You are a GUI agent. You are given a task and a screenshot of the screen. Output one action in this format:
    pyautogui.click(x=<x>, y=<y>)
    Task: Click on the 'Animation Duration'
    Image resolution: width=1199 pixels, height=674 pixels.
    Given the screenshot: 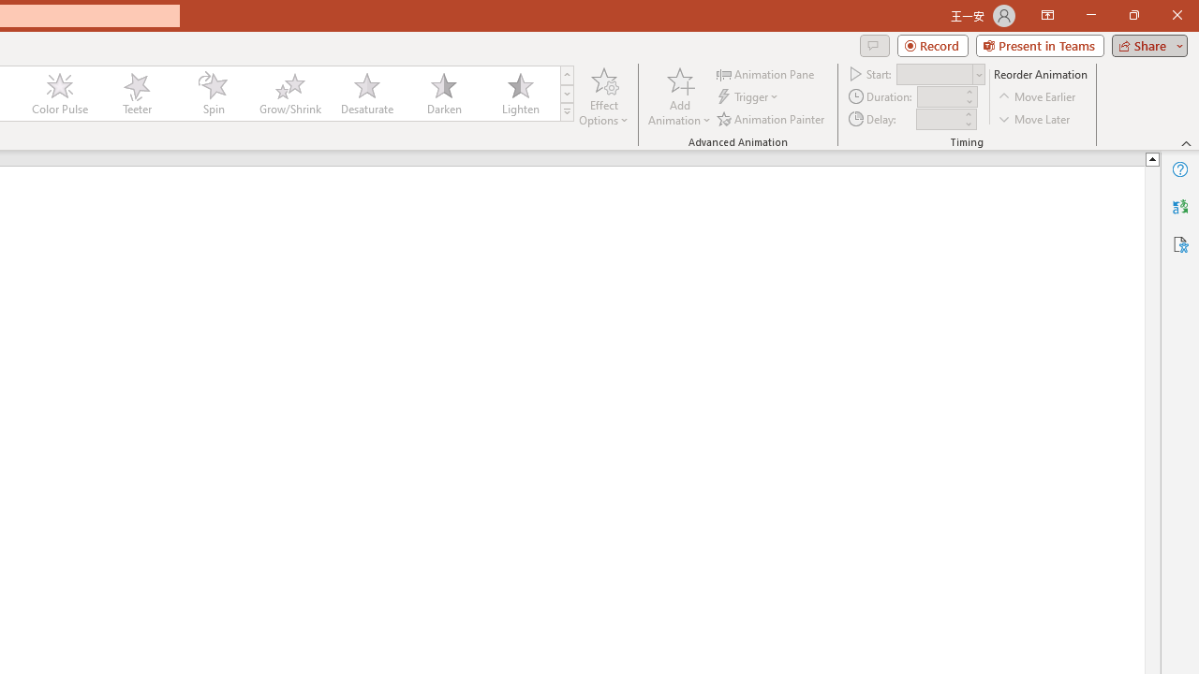 What is the action you would take?
    pyautogui.click(x=940, y=96)
    